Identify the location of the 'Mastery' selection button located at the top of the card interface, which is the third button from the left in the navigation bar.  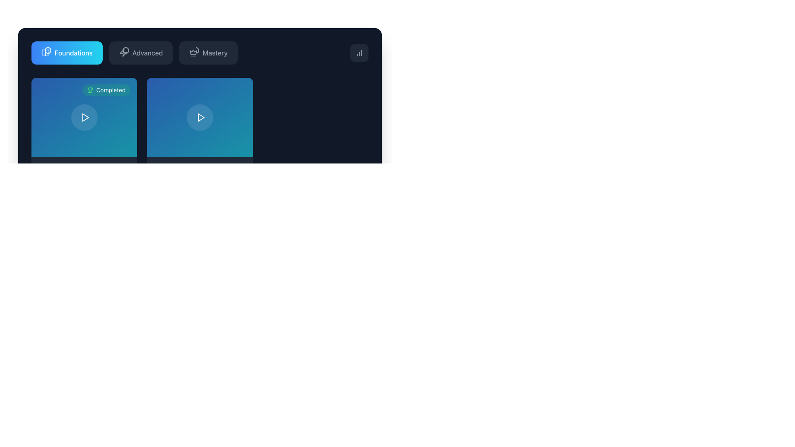
(200, 53).